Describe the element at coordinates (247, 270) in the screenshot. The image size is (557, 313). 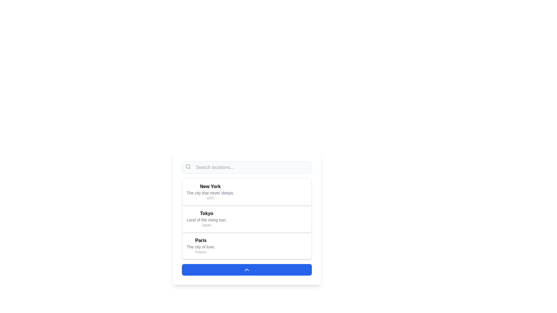
I see `the button with a chevron-up icon at the bottom of the city list` at that location.